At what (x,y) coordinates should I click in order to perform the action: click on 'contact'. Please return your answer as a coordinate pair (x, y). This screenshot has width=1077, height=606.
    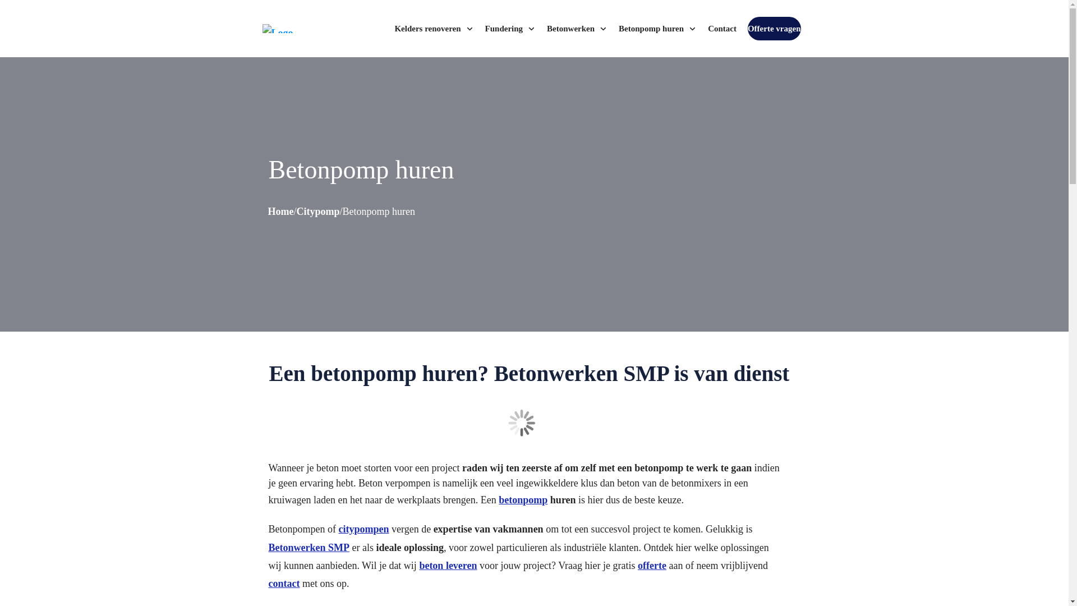
    Looking at the image, I should click on (283, 583).